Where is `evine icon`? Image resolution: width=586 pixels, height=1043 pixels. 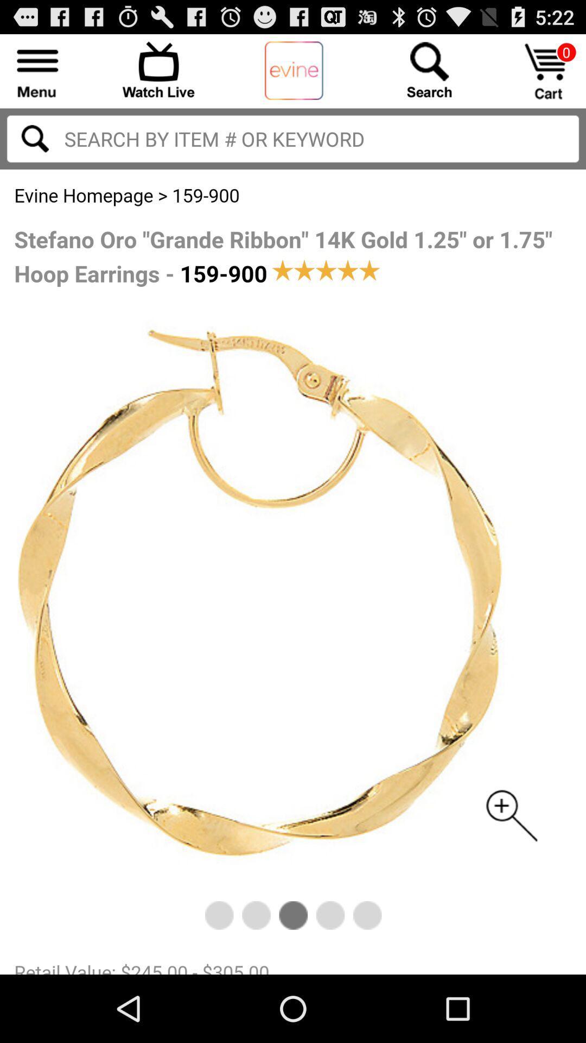 evine icon is located at coordinates (294, 71).